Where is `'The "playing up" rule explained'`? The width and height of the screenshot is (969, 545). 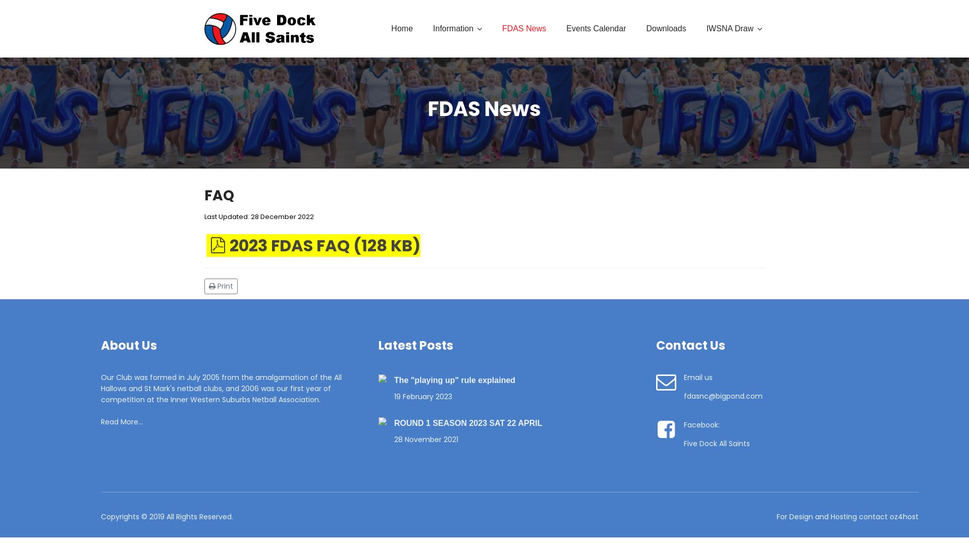
'The "playing up" rule explained' is located at coordinates (394, 380).